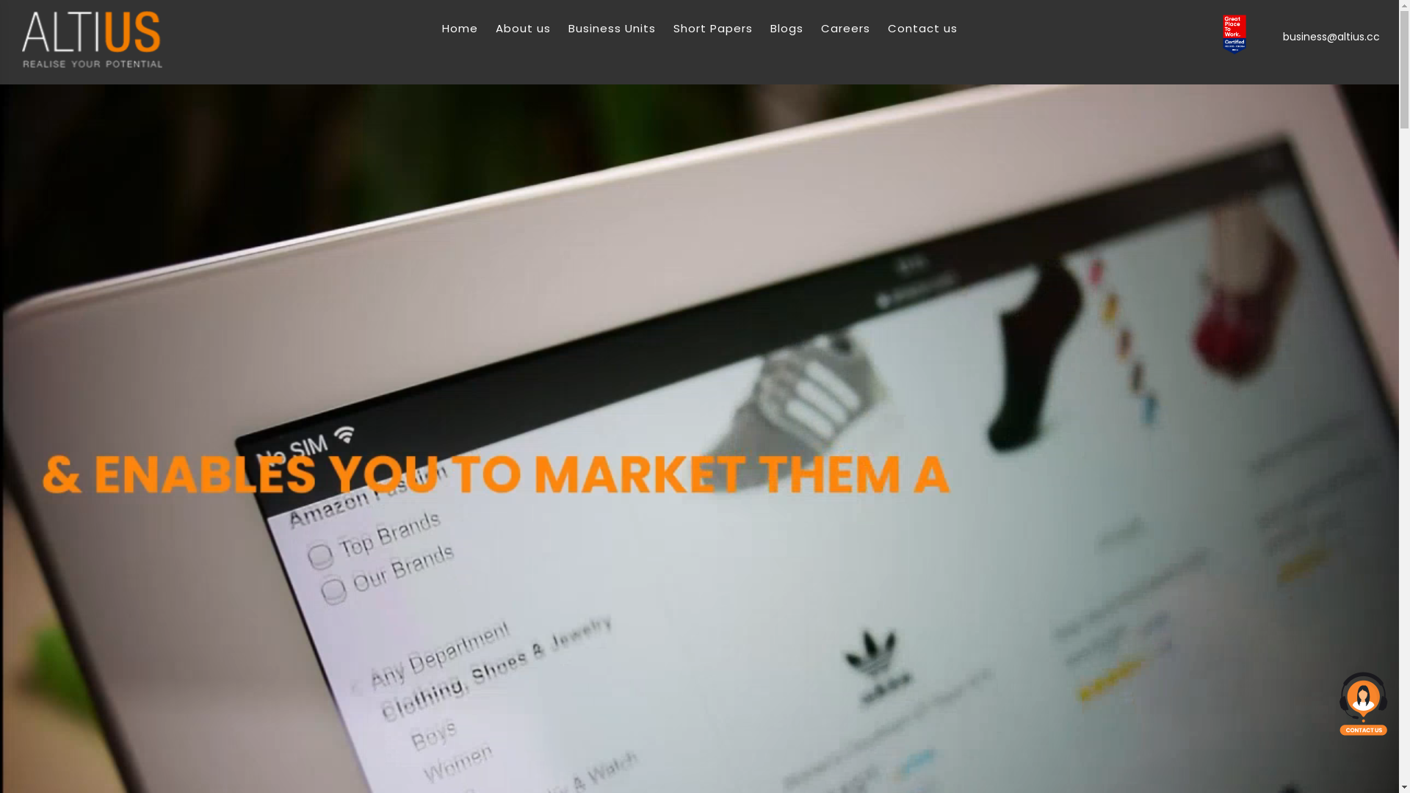 The height and width of the screenshot is (793, 1410). Describe the element at coordinates (1279, 36) in the screenshot. I see `'business@altius.cc'` at that location.